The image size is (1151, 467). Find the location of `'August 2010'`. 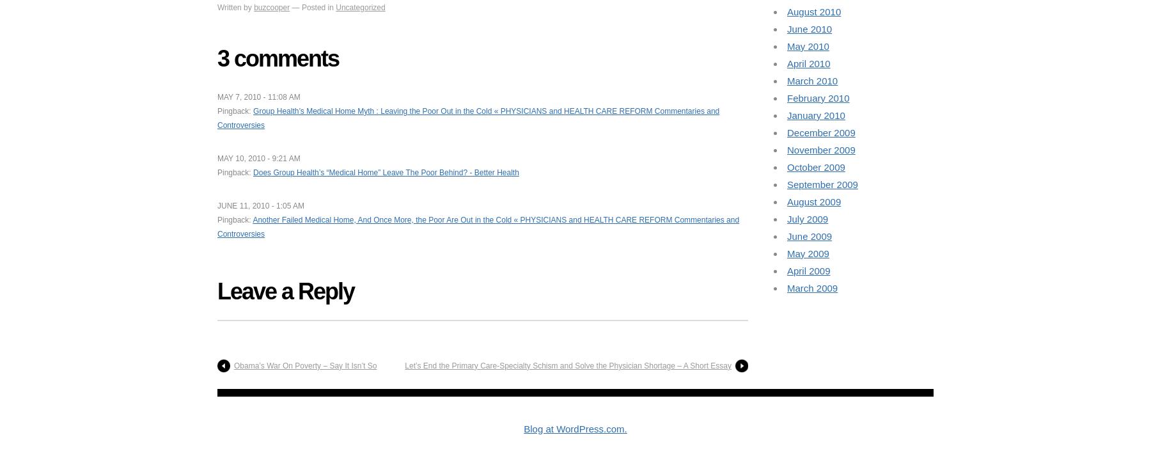

'August 2010' is located at coordinates (813, 11).